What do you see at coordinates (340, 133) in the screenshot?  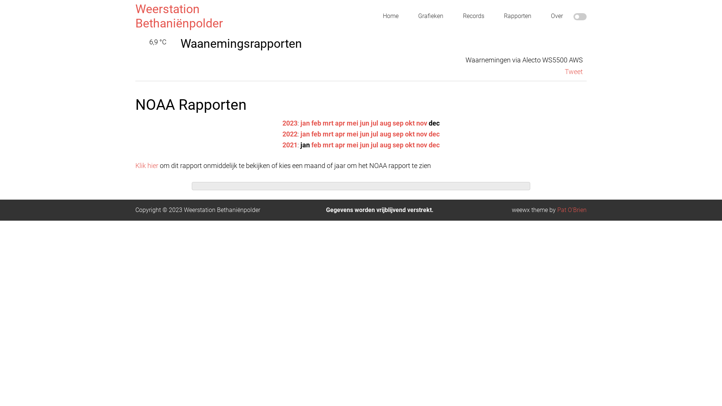 I see `'apr'` at bounding box center [340, 133].